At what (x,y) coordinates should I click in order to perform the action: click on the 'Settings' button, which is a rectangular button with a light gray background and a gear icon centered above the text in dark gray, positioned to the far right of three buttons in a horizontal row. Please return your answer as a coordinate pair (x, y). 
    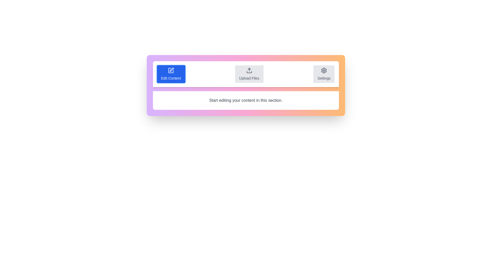
    Looking at the image, I should click on (324, 74).